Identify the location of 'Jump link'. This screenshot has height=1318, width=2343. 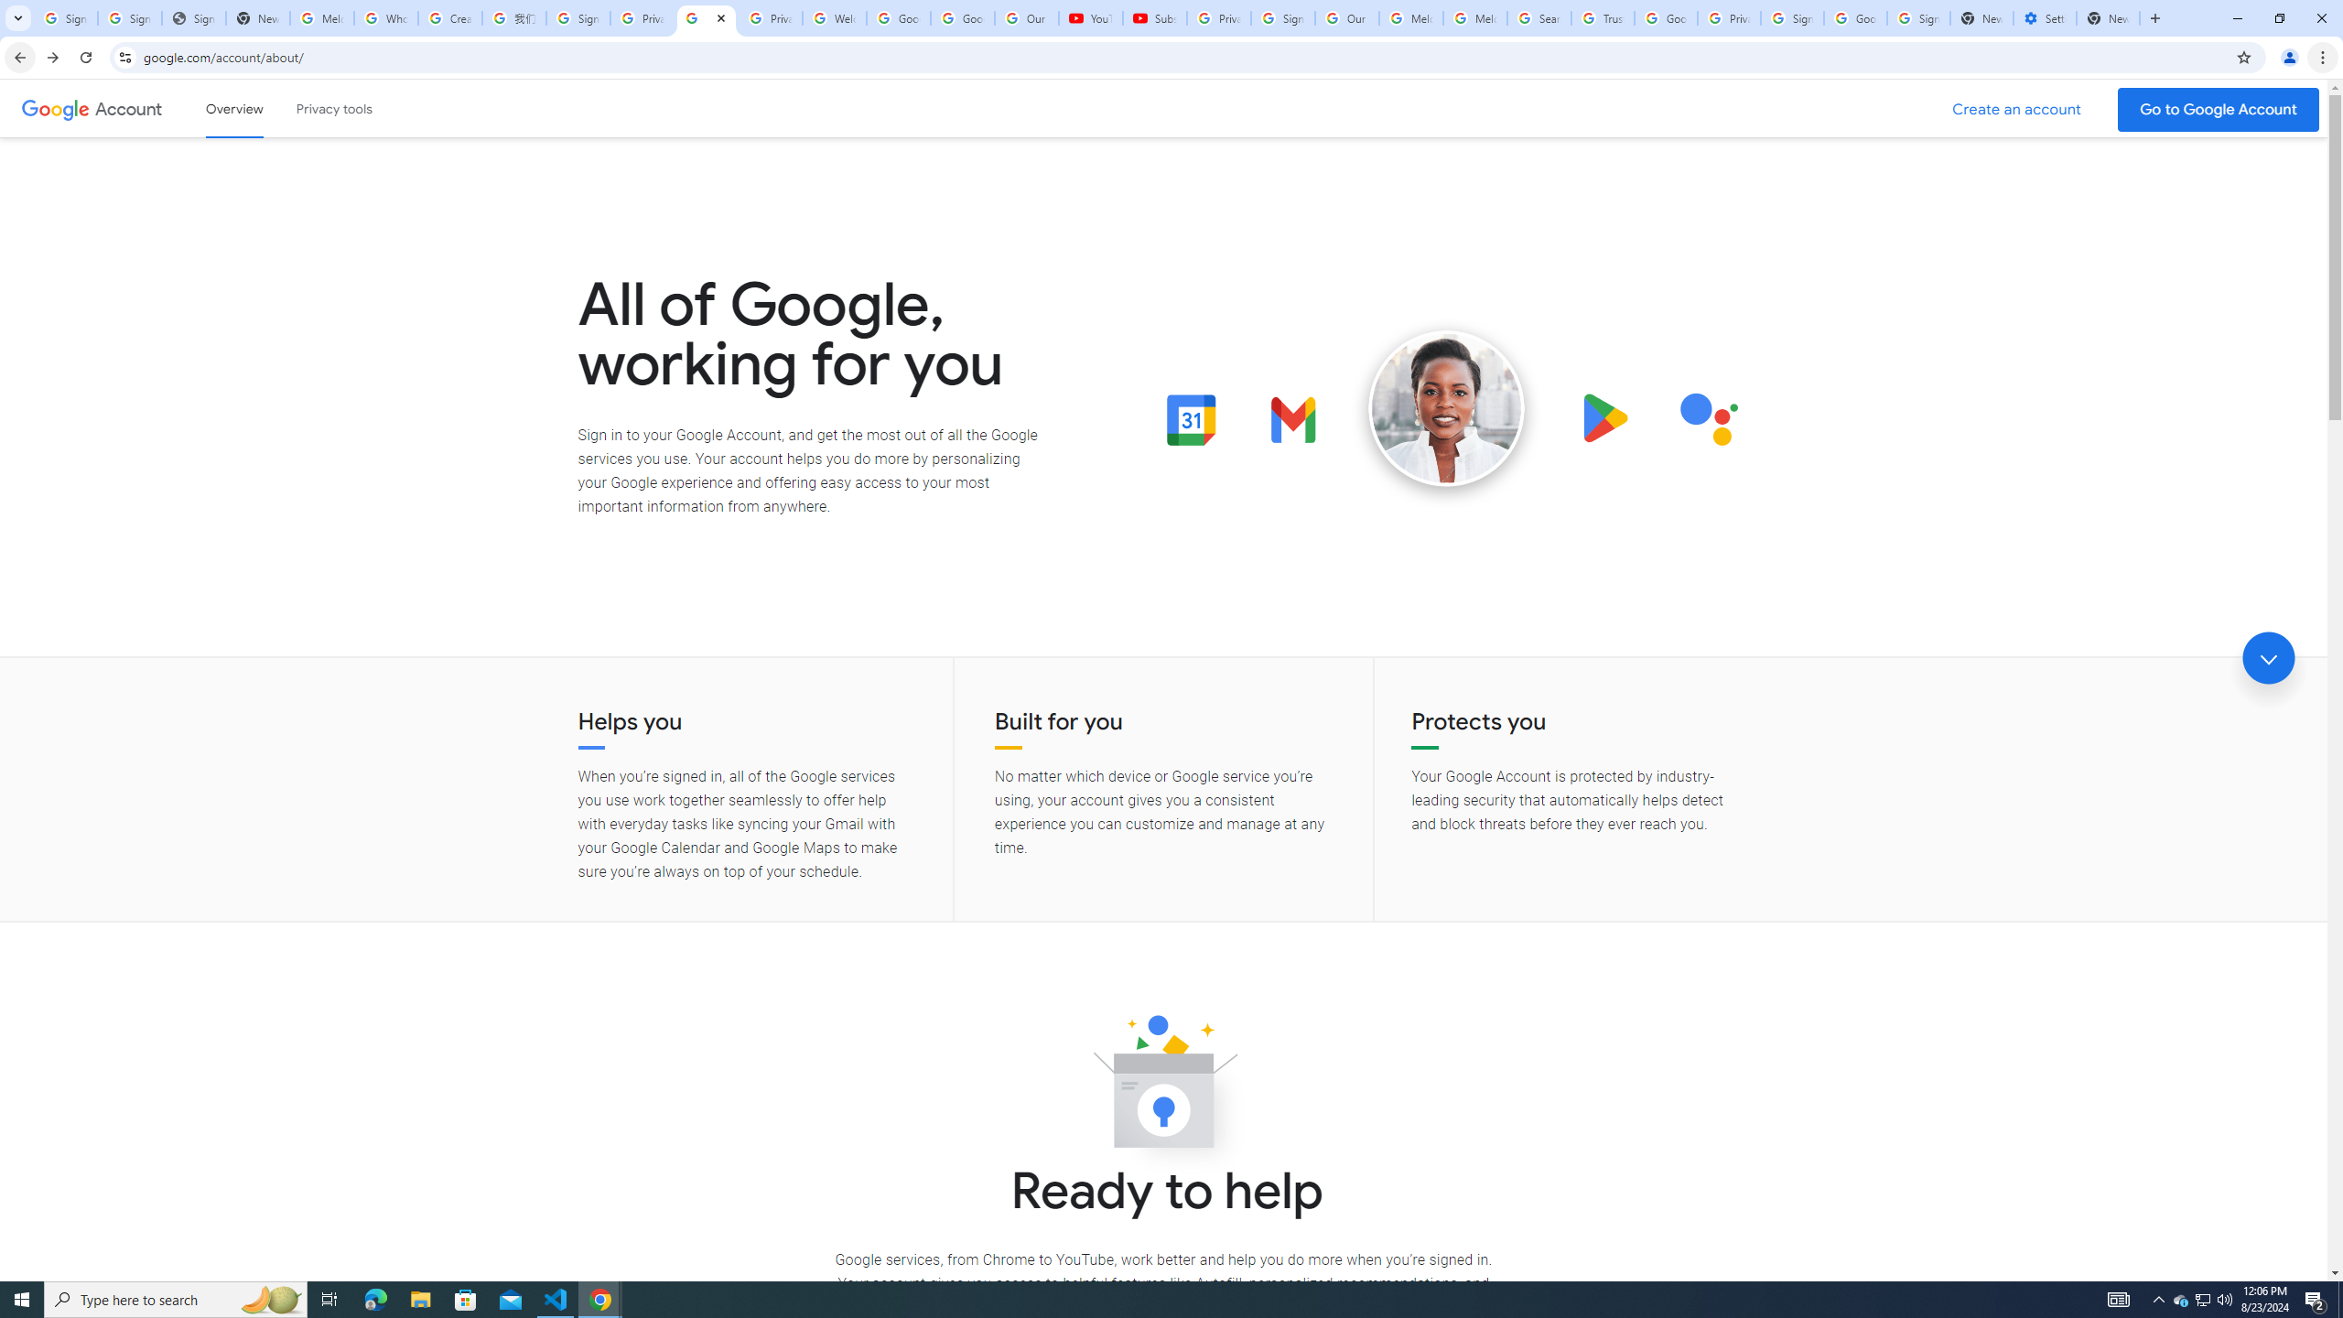
(2268, 658).